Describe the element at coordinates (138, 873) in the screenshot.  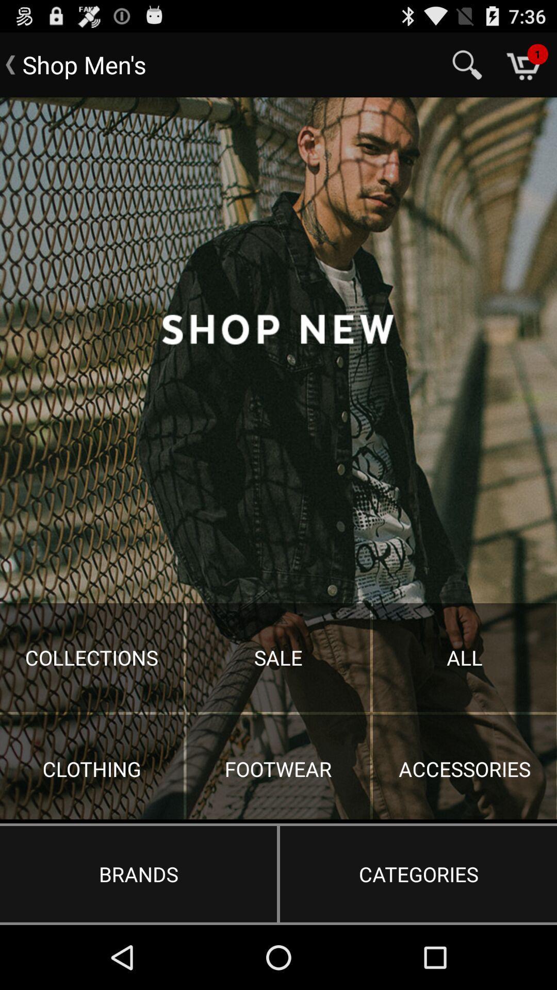
I see `brands icon` at that location.